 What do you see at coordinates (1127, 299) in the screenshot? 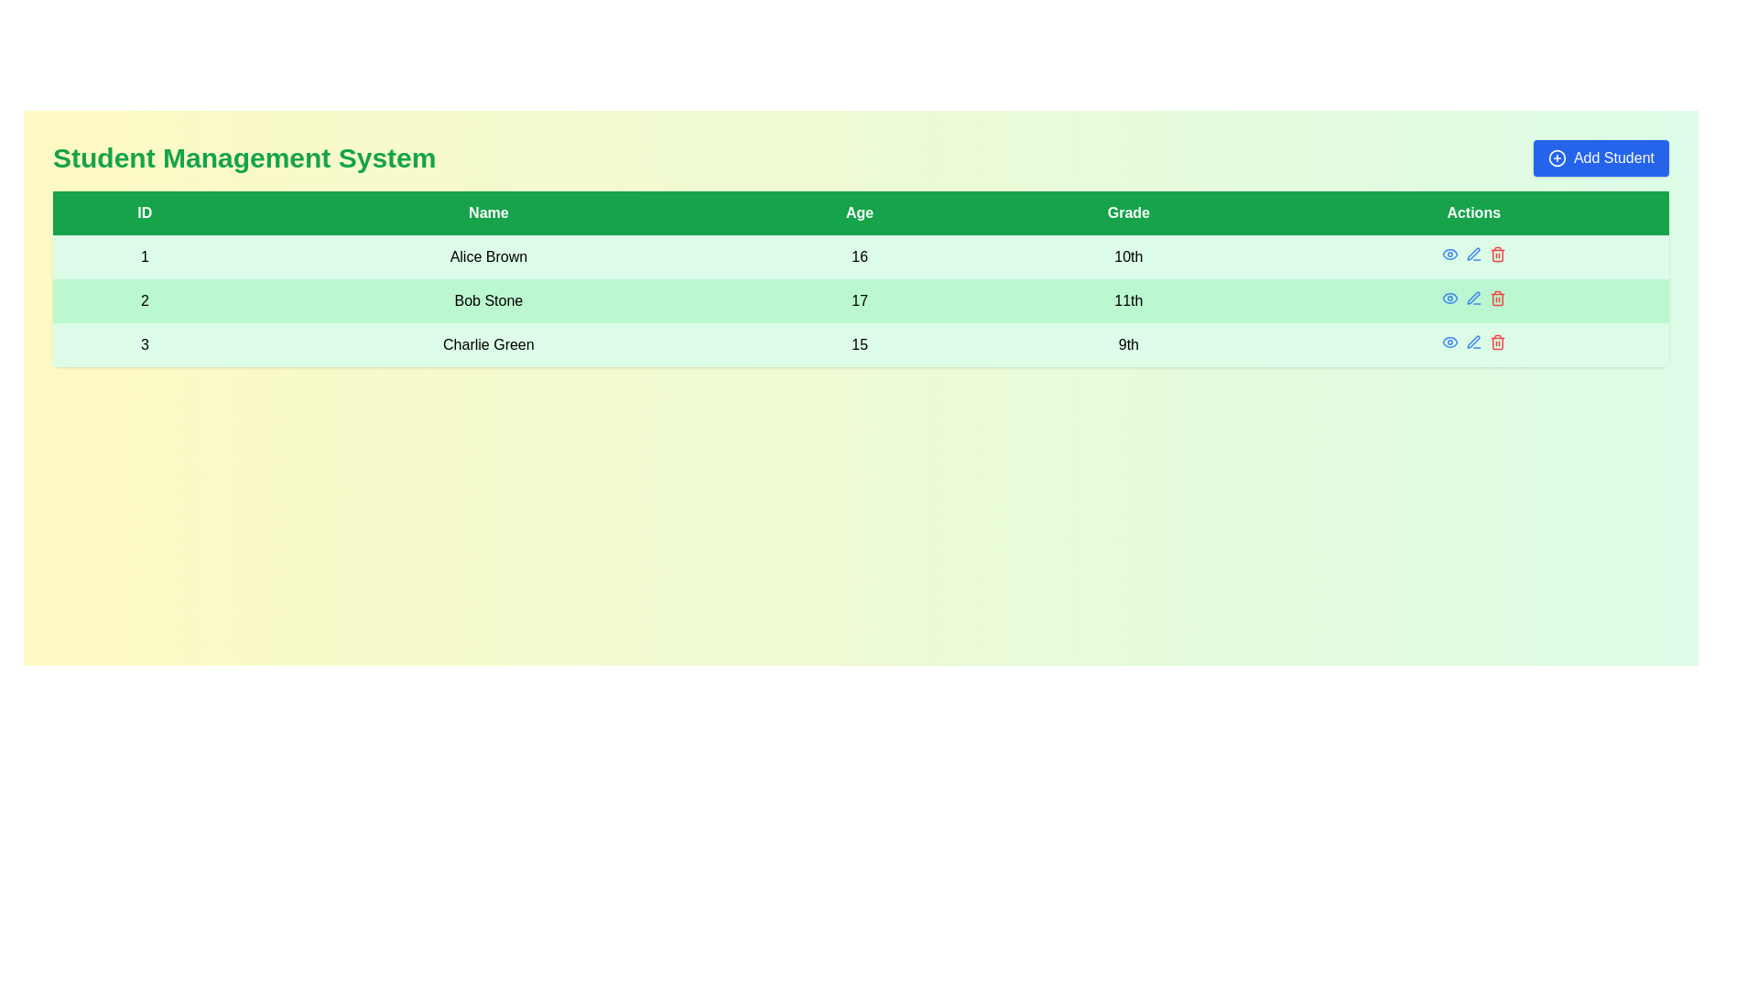
I see `the Plain text display indicating the grade level '11th' in the fourth column of the second row in the student management system interface` at bounding box center [1127, 299].